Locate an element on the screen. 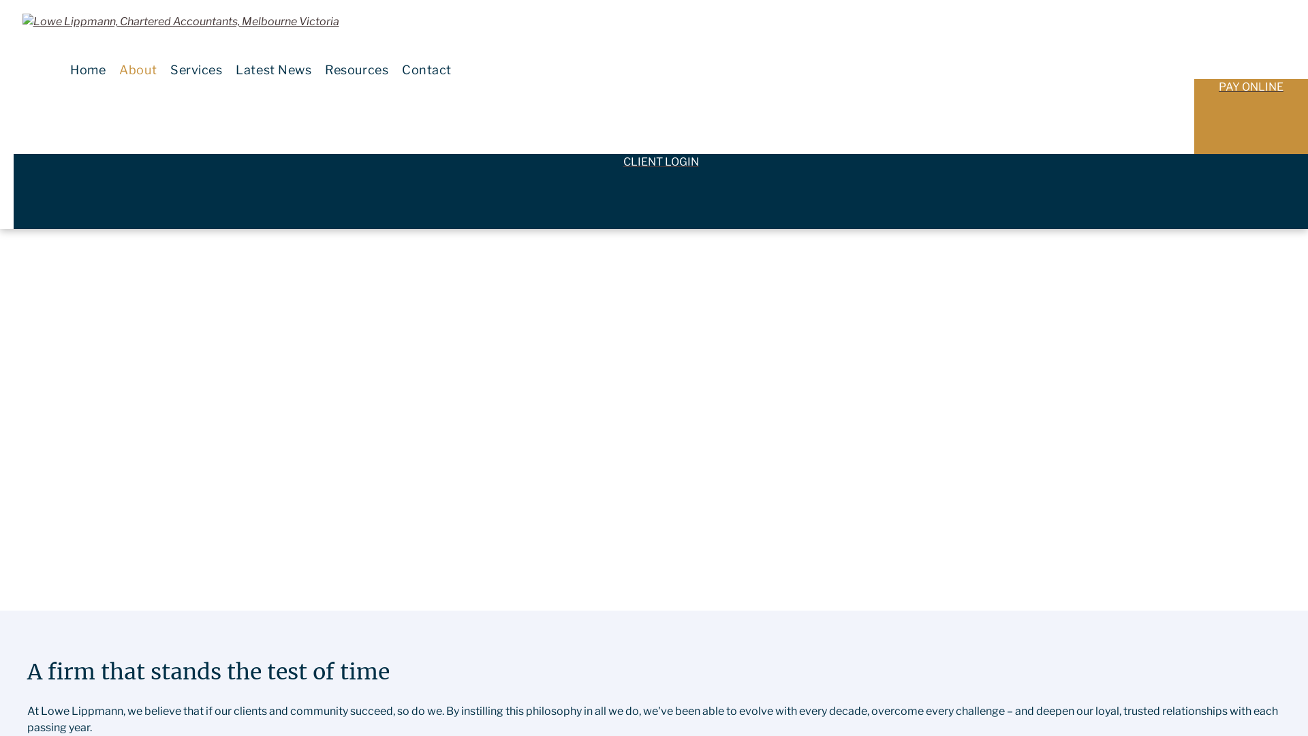 The width and height of the screenshot is (1308, 736). 'About' is located at coordinates (138, 70).